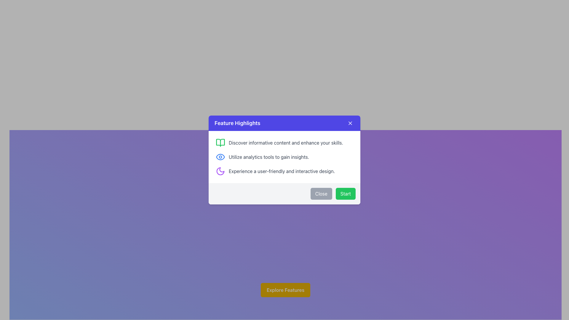 This screenshot has height=320, width=569. Describe the element at coordinates (281, 171) in the screenshot. I see `the text label that provides an informative description in the modal dialog, located at the bottom-most position of a vertical list of features, which is the third item in the list` at that location.